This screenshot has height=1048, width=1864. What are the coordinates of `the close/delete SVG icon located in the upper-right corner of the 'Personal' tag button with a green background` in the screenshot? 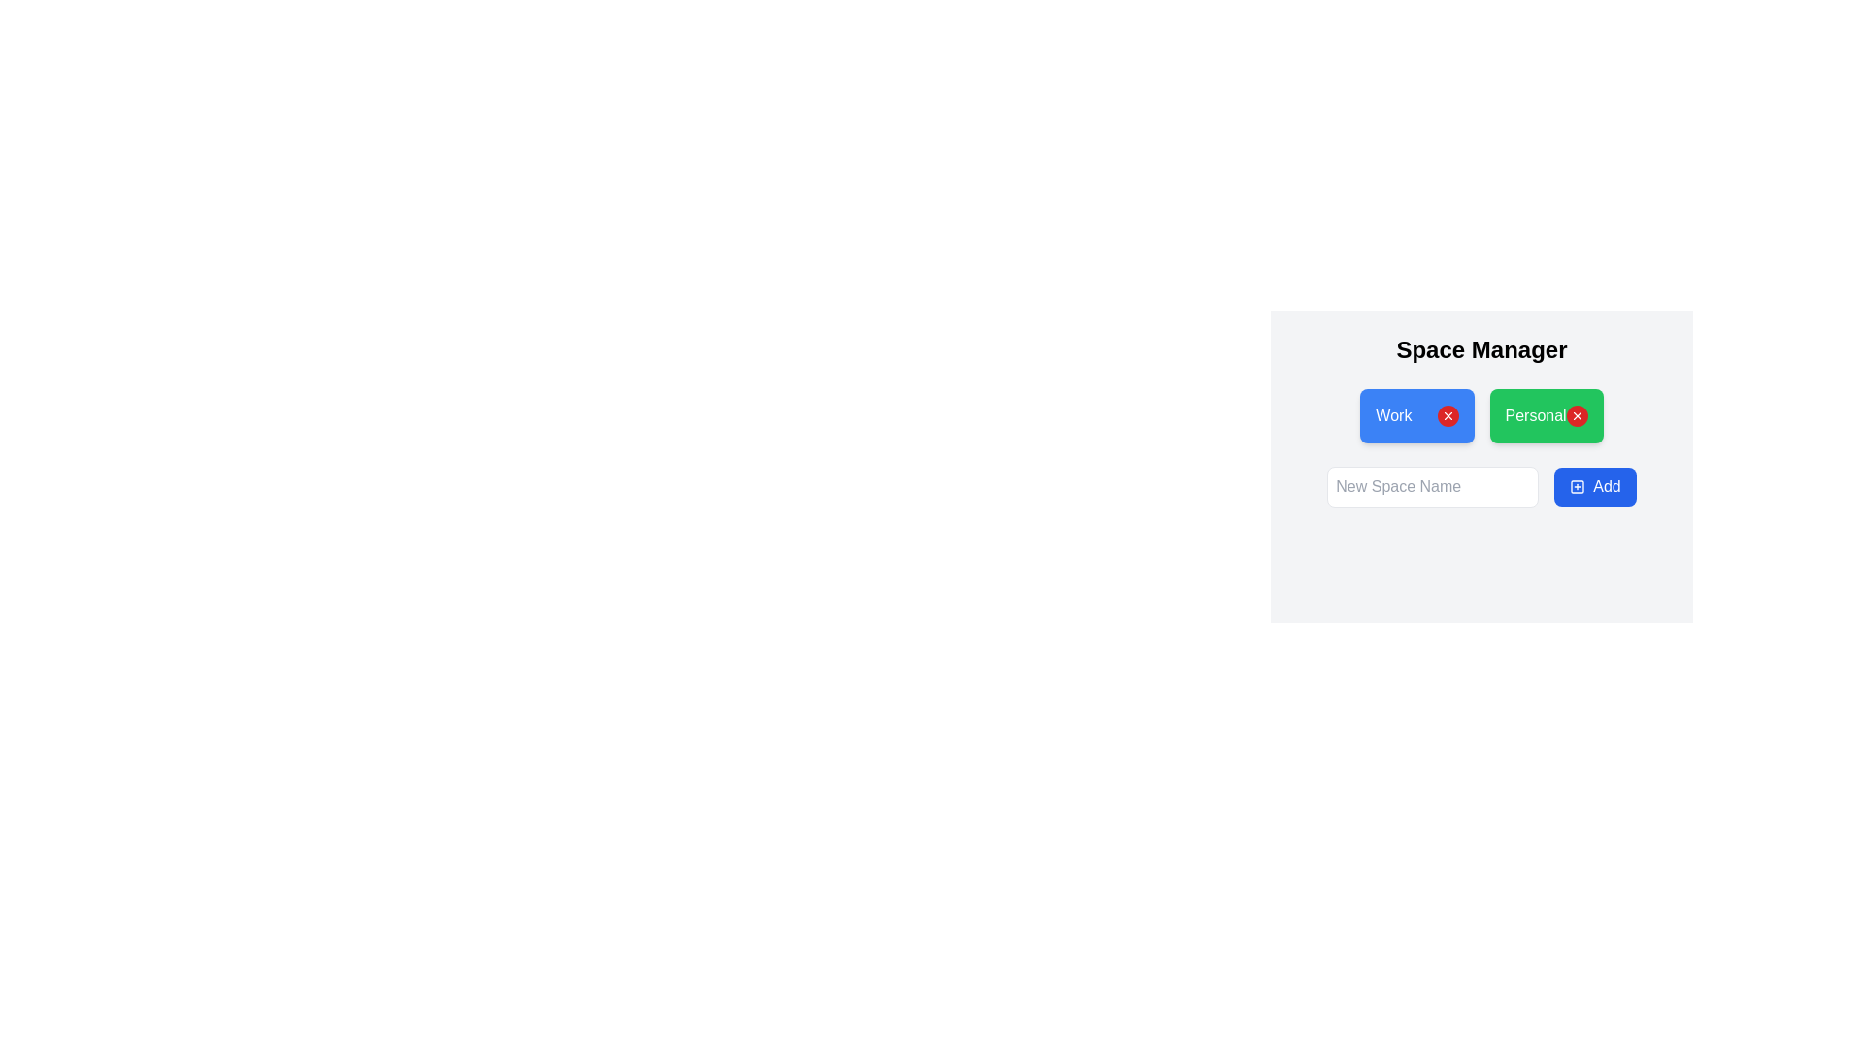 It's located at (1577, 414).